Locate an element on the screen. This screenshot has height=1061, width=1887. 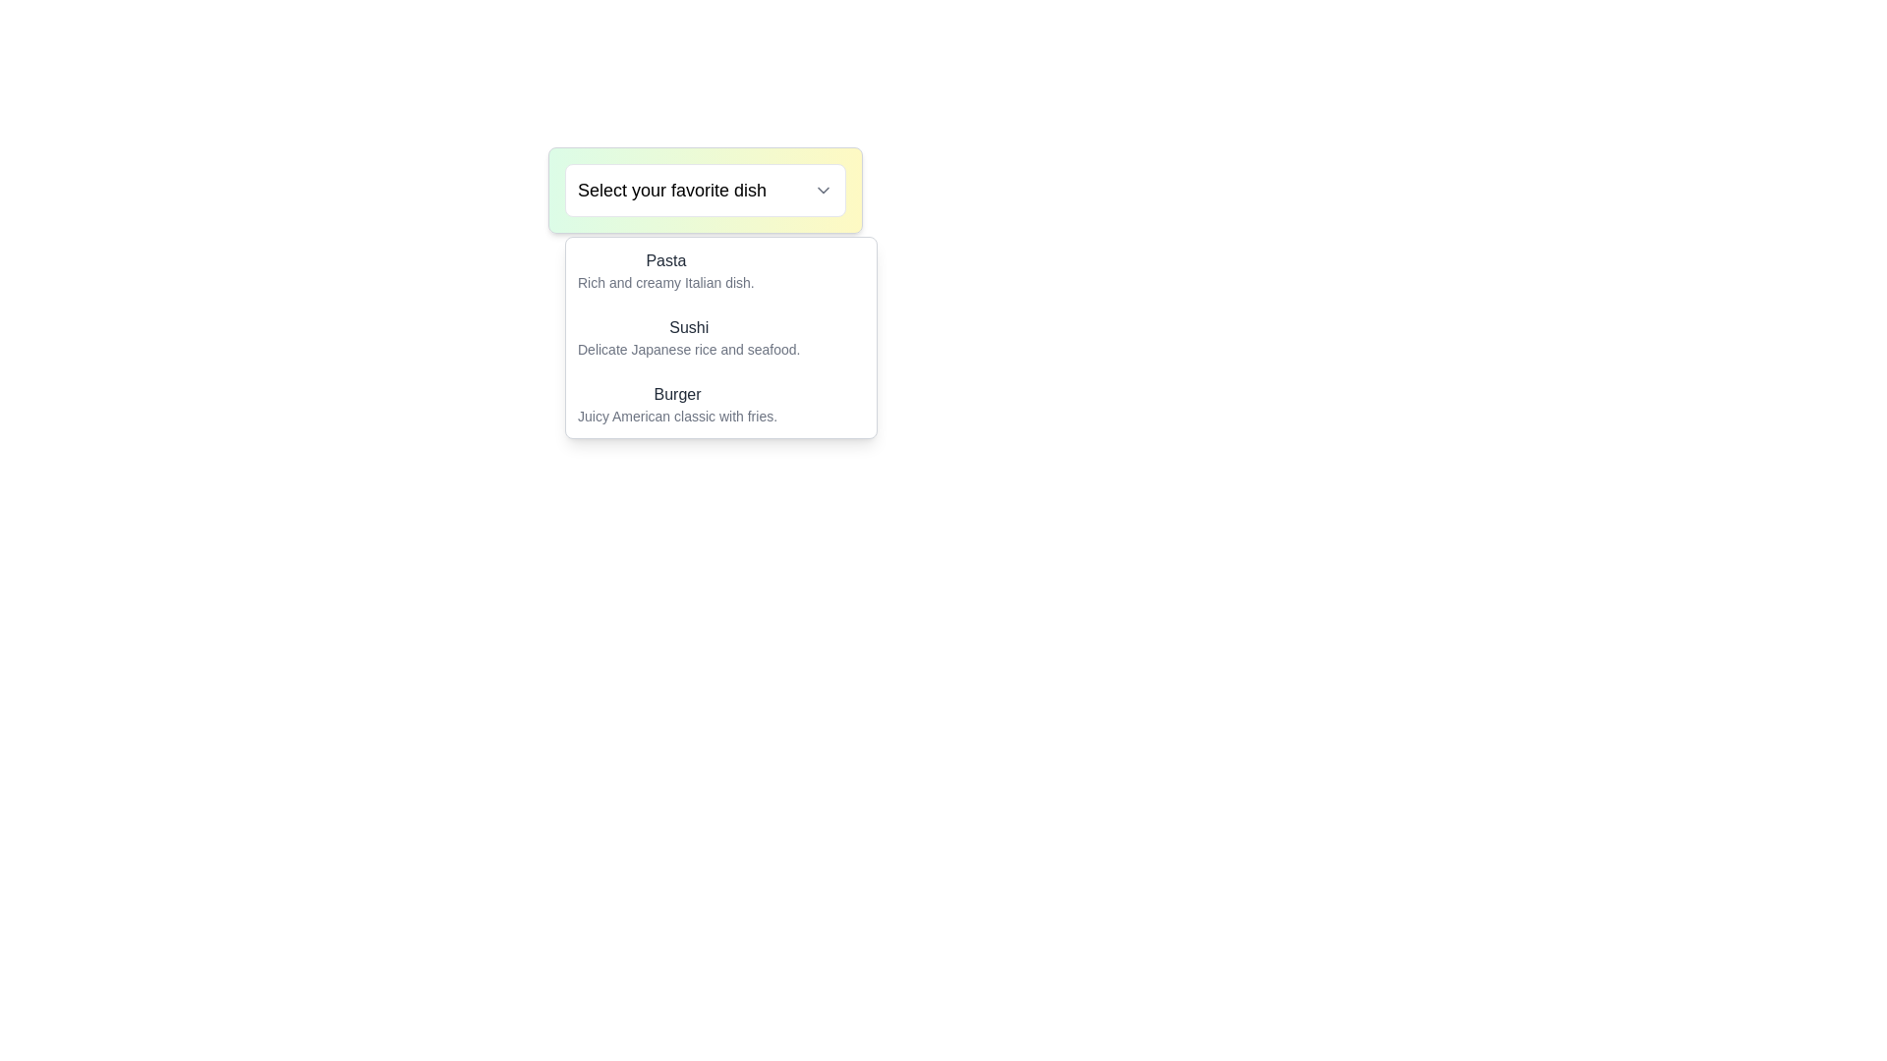
the content of the 'Pasta' label, which is displayed in medium font weight and gray hue, positioned at the top of the first menu item in the dropdown is located at coordinates (665, 260).